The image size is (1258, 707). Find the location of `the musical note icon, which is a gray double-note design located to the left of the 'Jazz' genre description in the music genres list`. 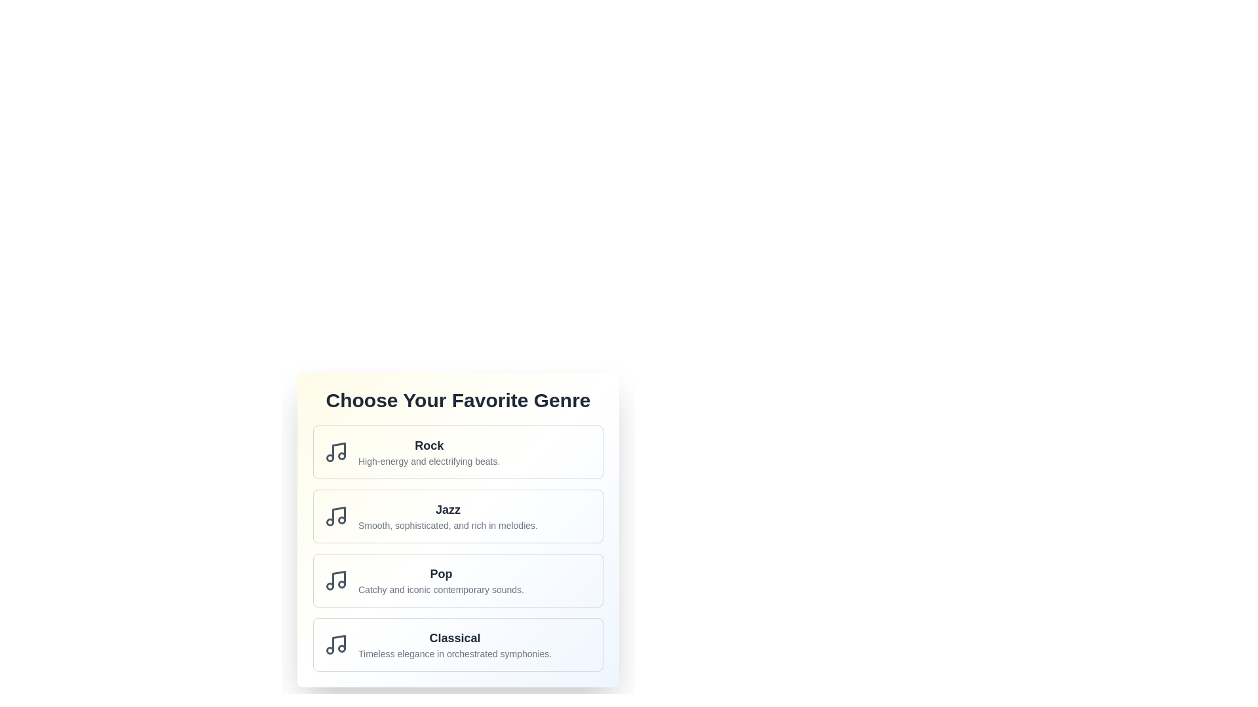

the musical note icon, which is a gray double-note design located to the left of the 'Jazz' genre description in the music genres list is located at coordinates (336, 516).